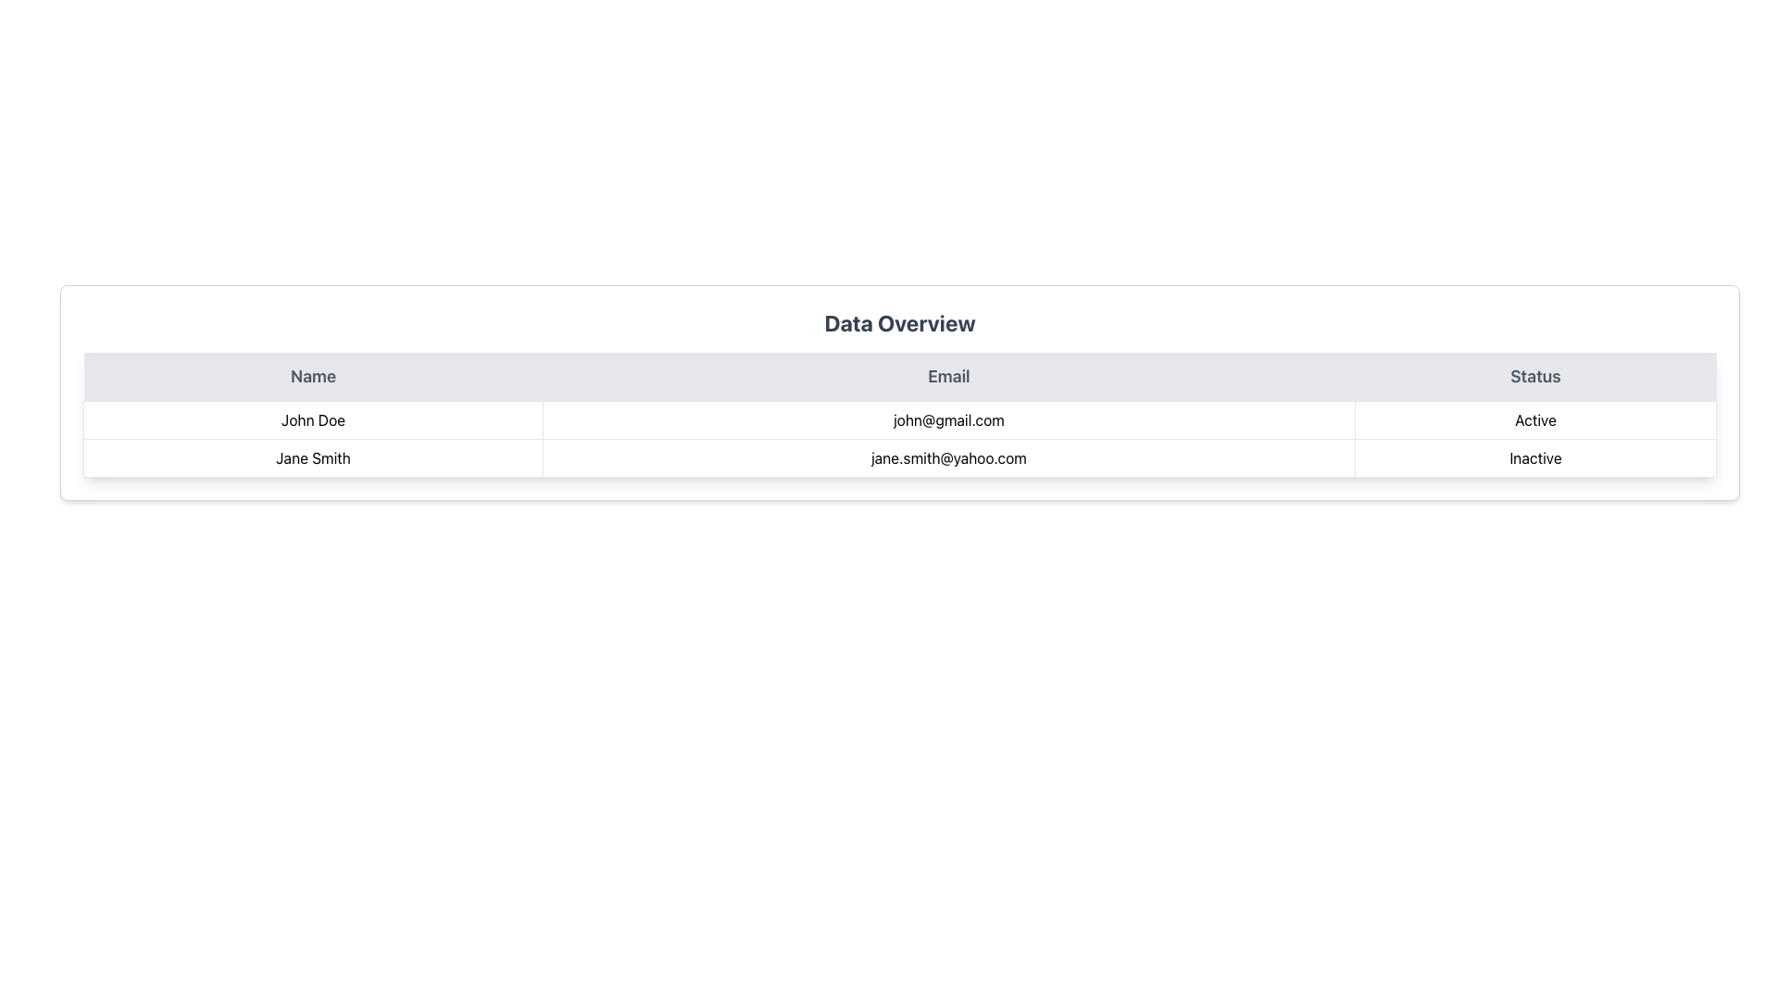 This screenshot has width=1778, height=1000. I want to click on the 'Email' label, which is the second of three column headers in a light gray box at the top of a table-like structure, so click(948, 376).